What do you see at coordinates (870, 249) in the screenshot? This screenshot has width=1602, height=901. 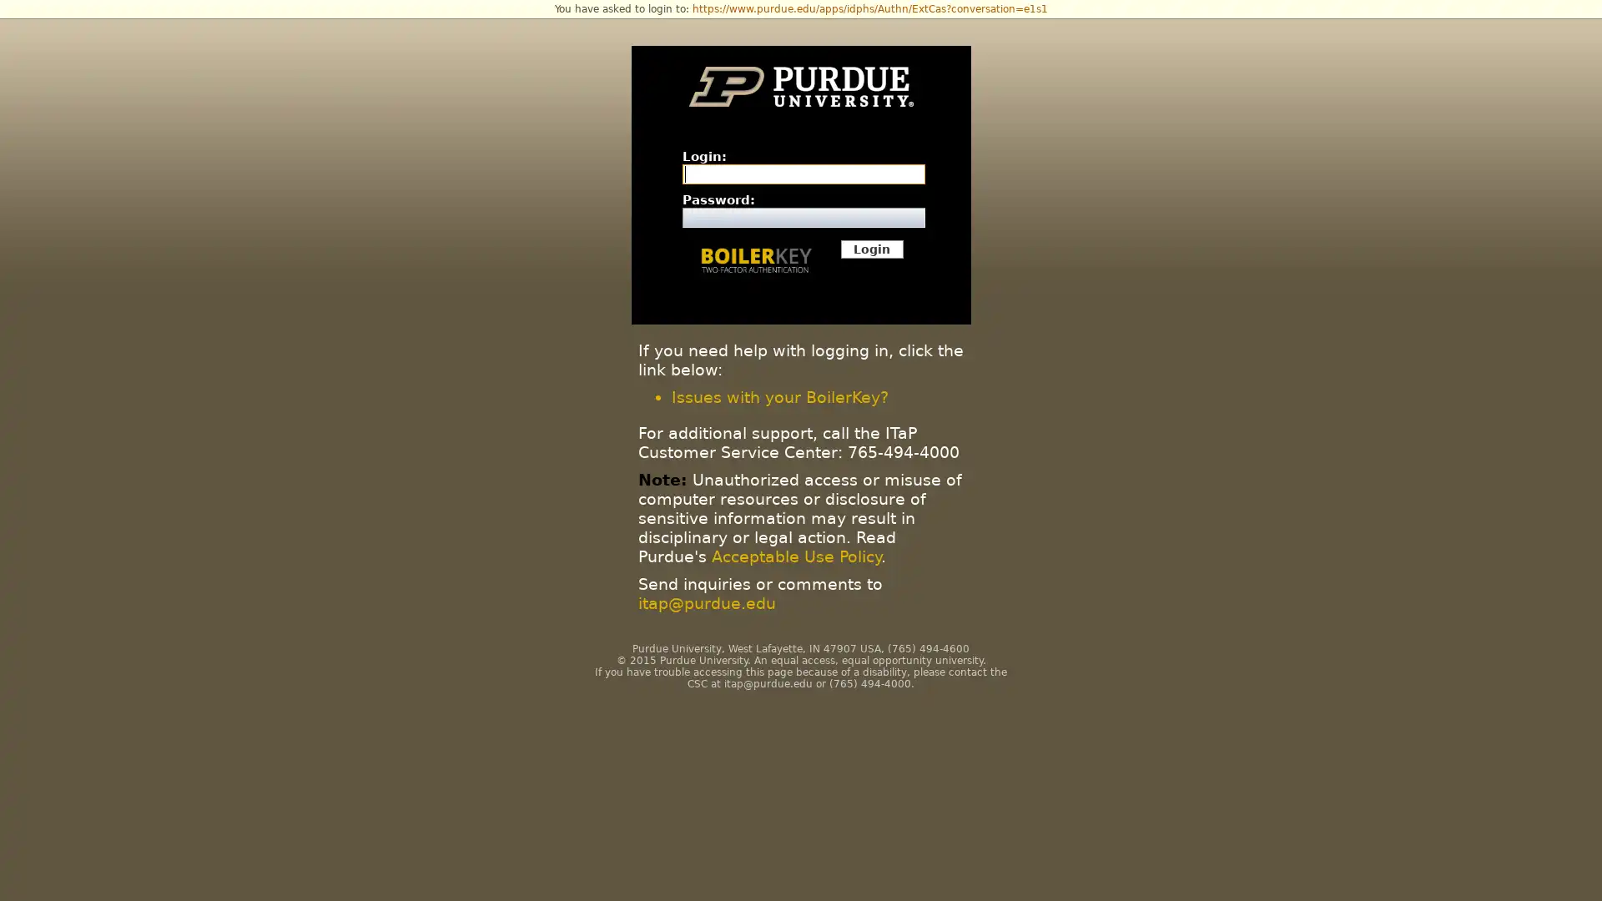 I see `Login` at bounding box center [870, 249].